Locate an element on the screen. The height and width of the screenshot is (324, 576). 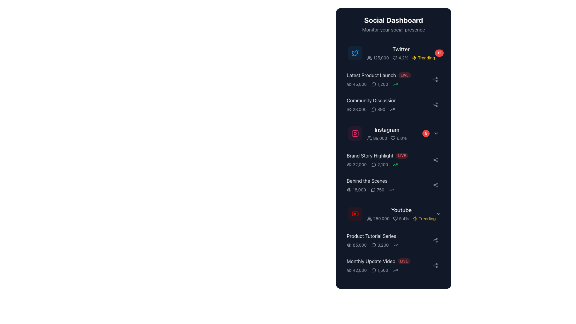
the 'Twitter' information display panel located at the top of the vertical list, which features bold white text and an icon adjacent to it is located at coordinates (401, 53).